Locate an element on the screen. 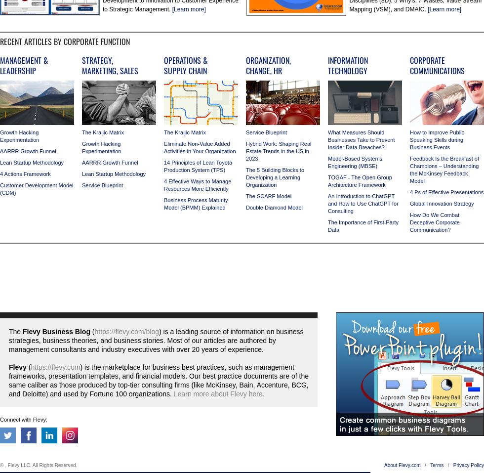  '4 Ps of Effective Presentations' is located at coordinates (446, 192).